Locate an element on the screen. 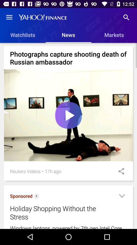 Image resolution: width=137 pixels, height=245 pixels. holiday shopping without icon is located at coordinates (62, 213).